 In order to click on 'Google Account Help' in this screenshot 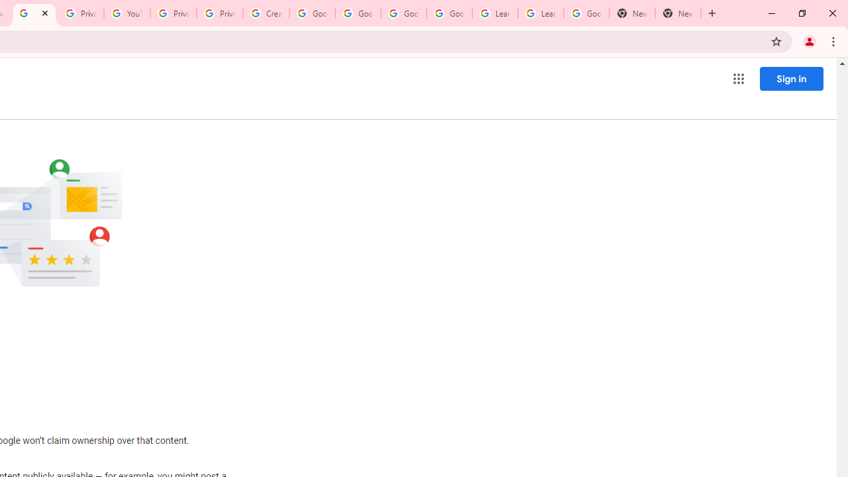, I will do `click(311, 13)`.